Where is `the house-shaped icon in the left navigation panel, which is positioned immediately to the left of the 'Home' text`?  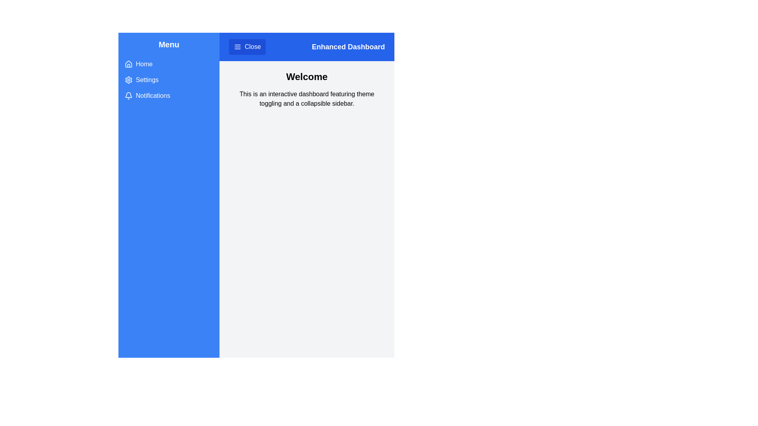
the house-shaped icon in the left navigation panel, which is positioned immediately to the left of the 'Home' text is located at coordinates (129, 64).